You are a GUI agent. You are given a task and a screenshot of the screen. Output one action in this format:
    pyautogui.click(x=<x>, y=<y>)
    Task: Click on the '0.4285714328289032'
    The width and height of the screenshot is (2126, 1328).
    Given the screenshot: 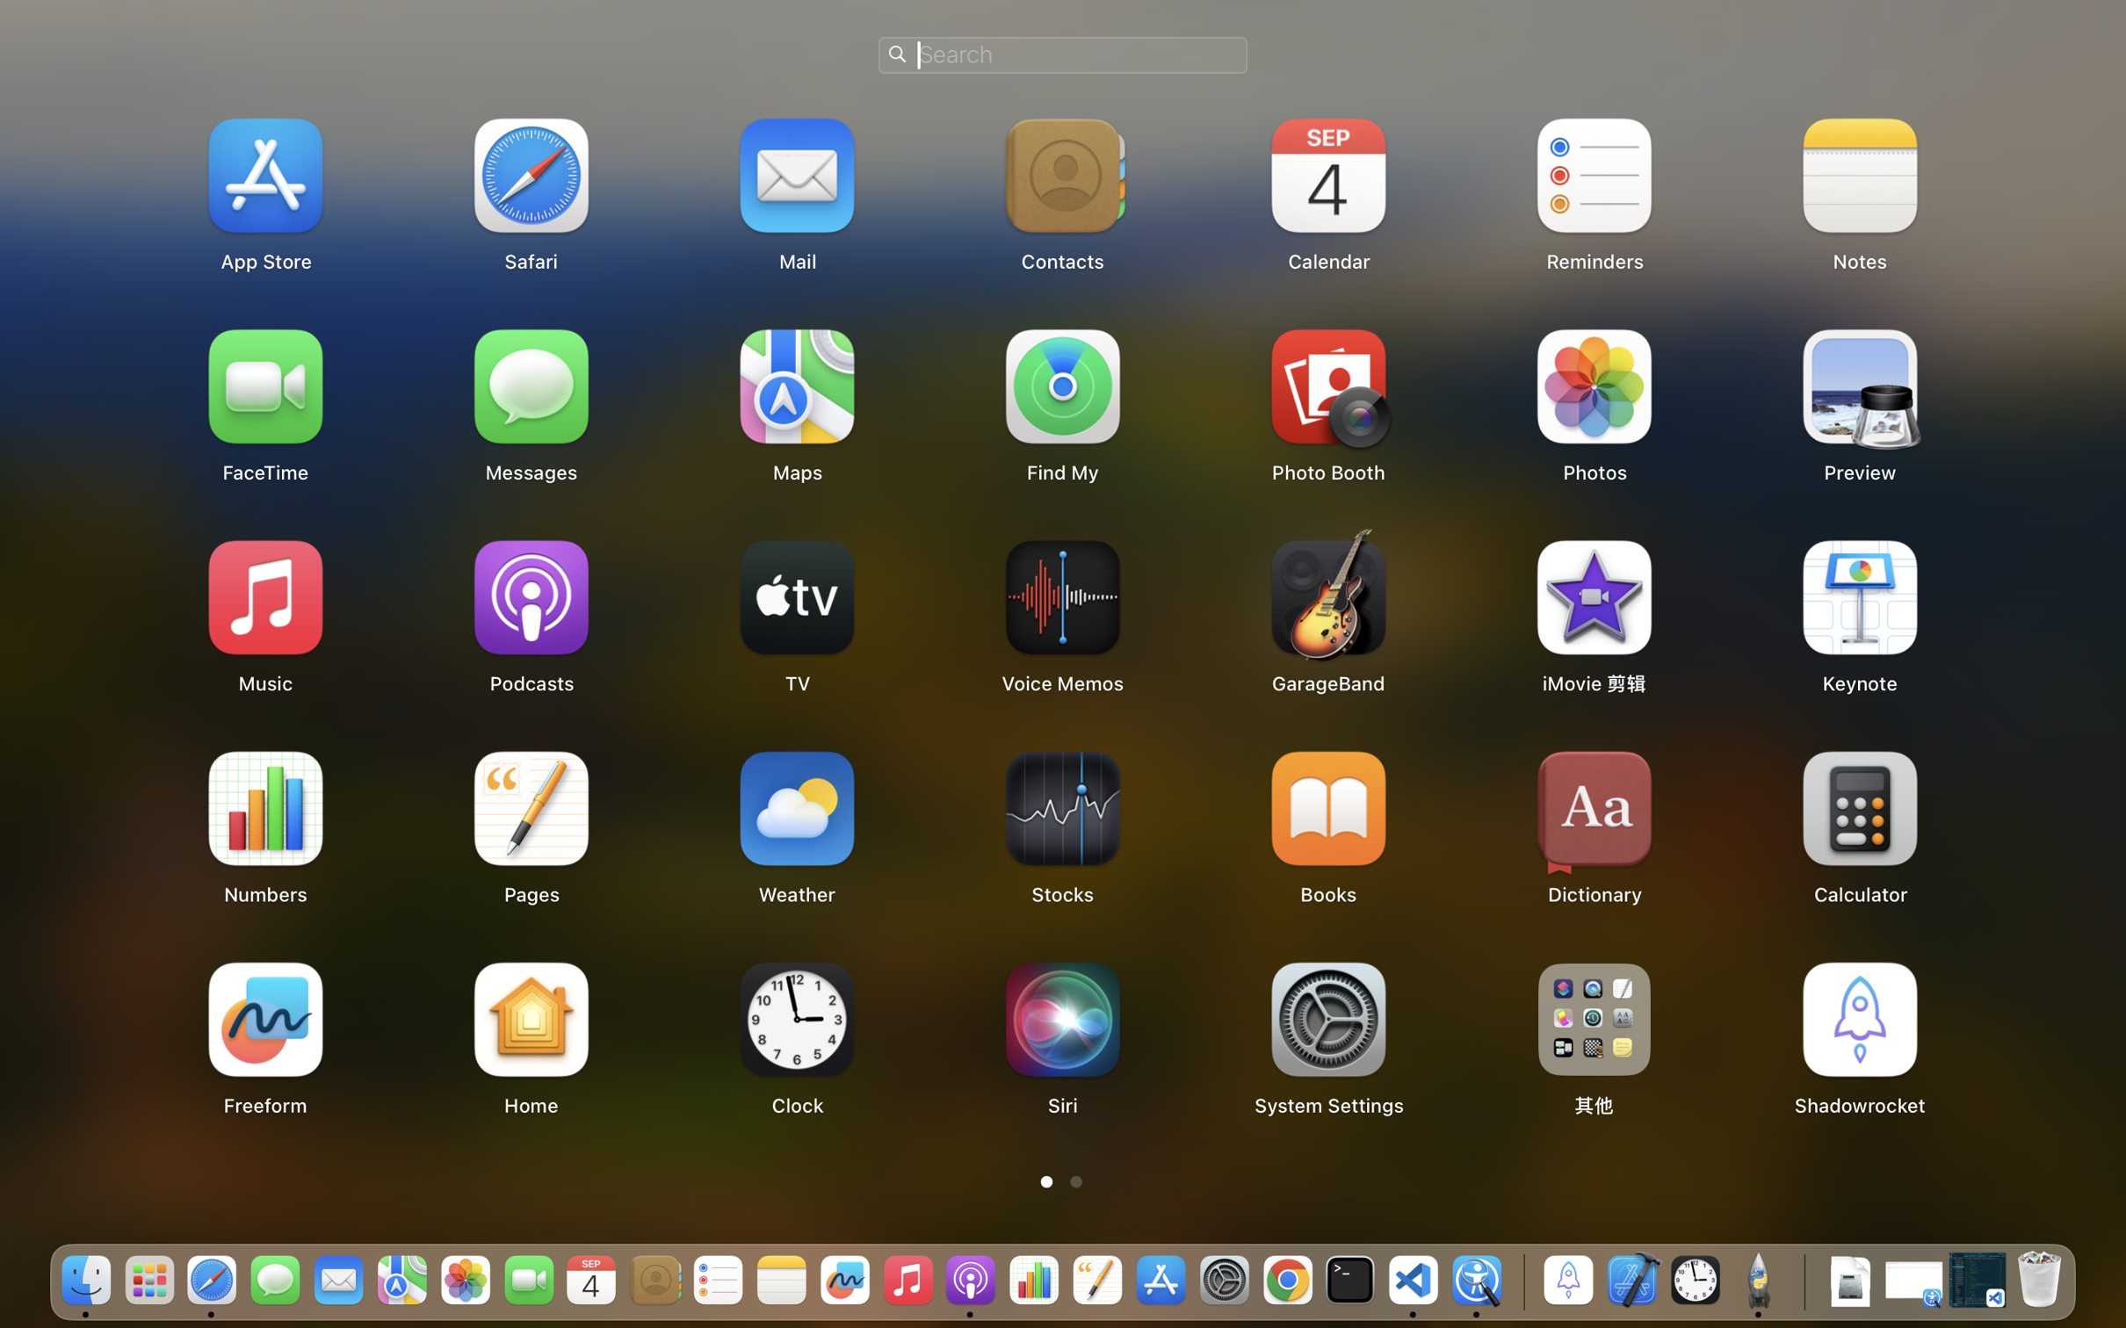 What is the action you would take?
    pyautogui.click(x=1520, y=1281)
    